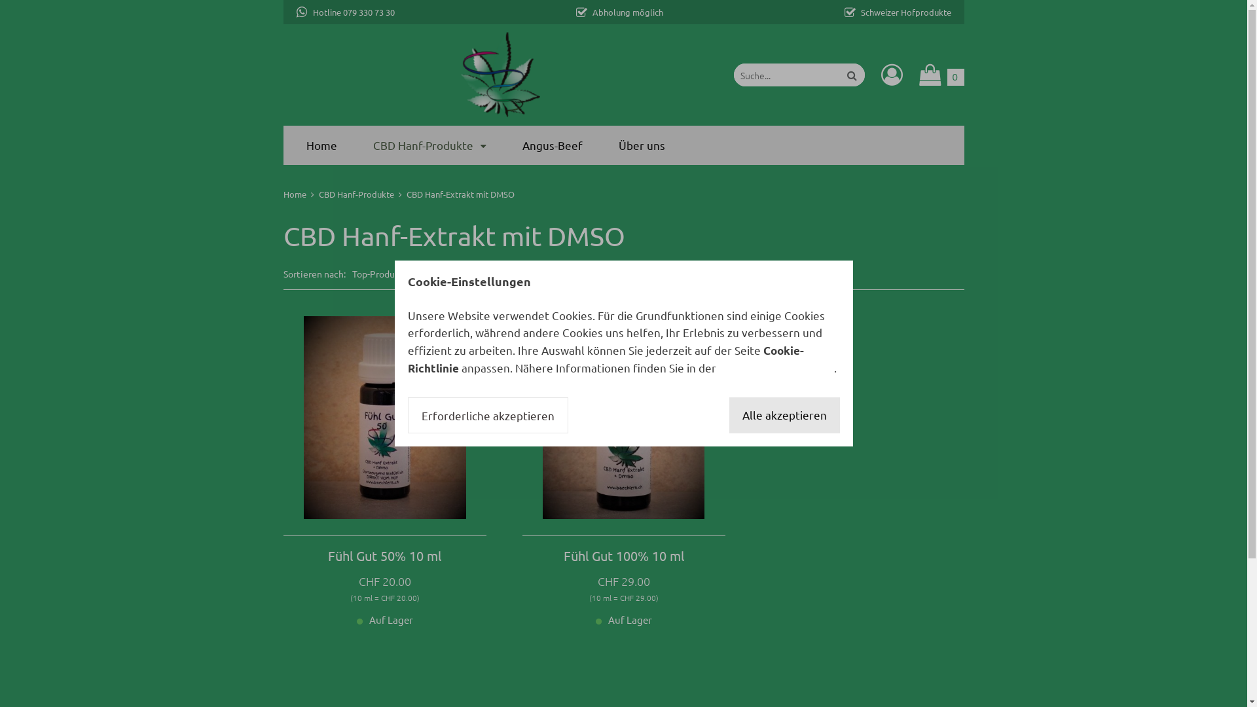  What do you see at coordinates (407, 416) in the screenshot?
I see `'Erforderliche akzeptieren'` at bounding box center [407, 416].